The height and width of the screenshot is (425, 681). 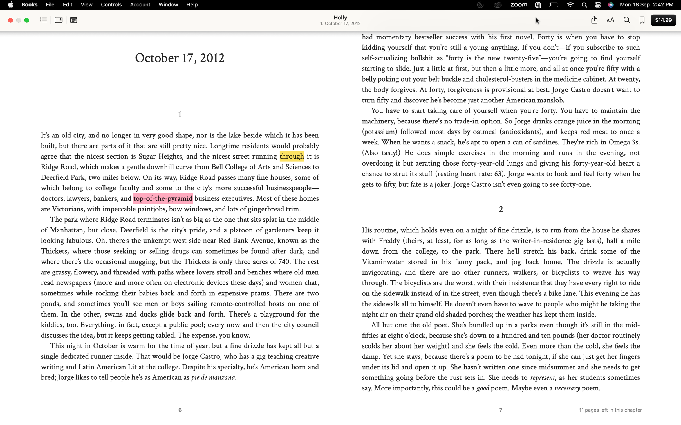 What do you see at coordinates (642, 21) in the screenshot?
I see `Add the current page to favorites and view a list of all your favorite pages` at bounding box center [642, 21].